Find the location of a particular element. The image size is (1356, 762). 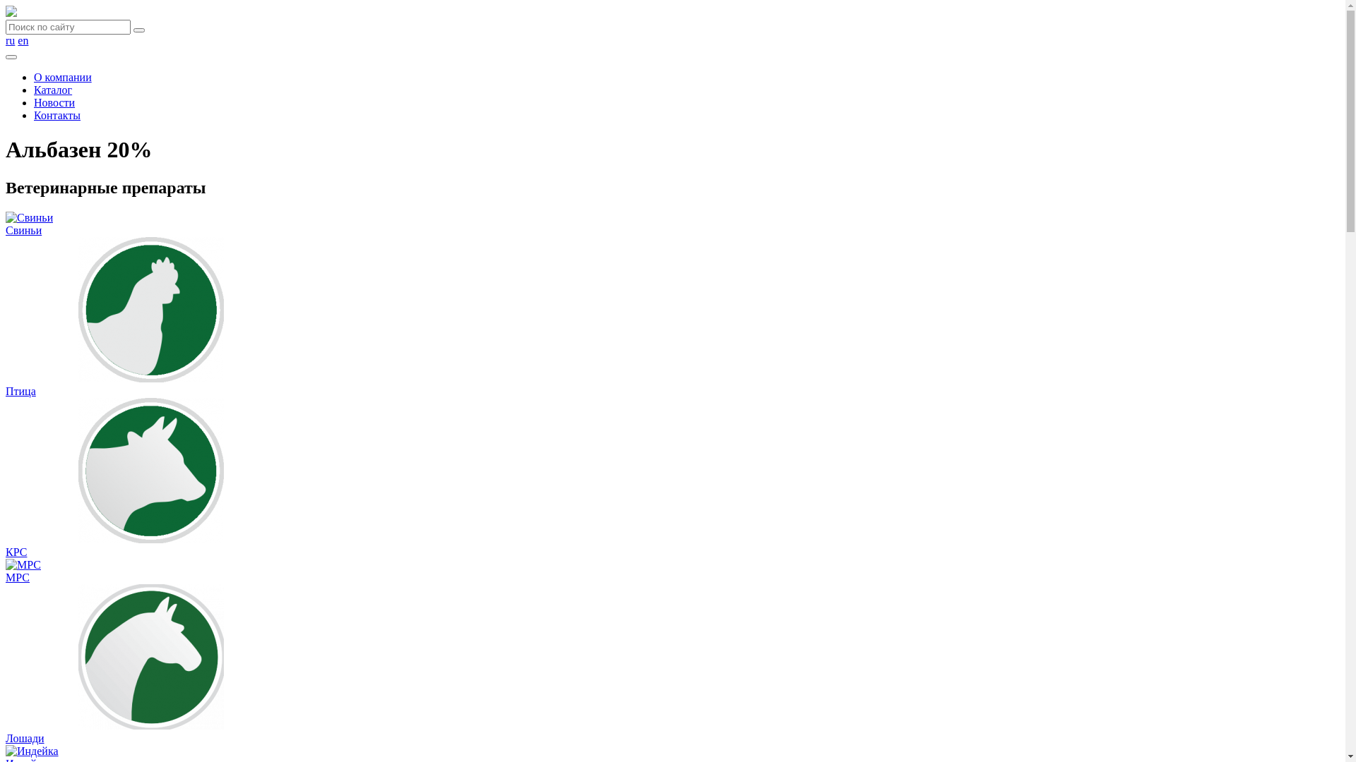

'en' is located at coordinates (23, 40).